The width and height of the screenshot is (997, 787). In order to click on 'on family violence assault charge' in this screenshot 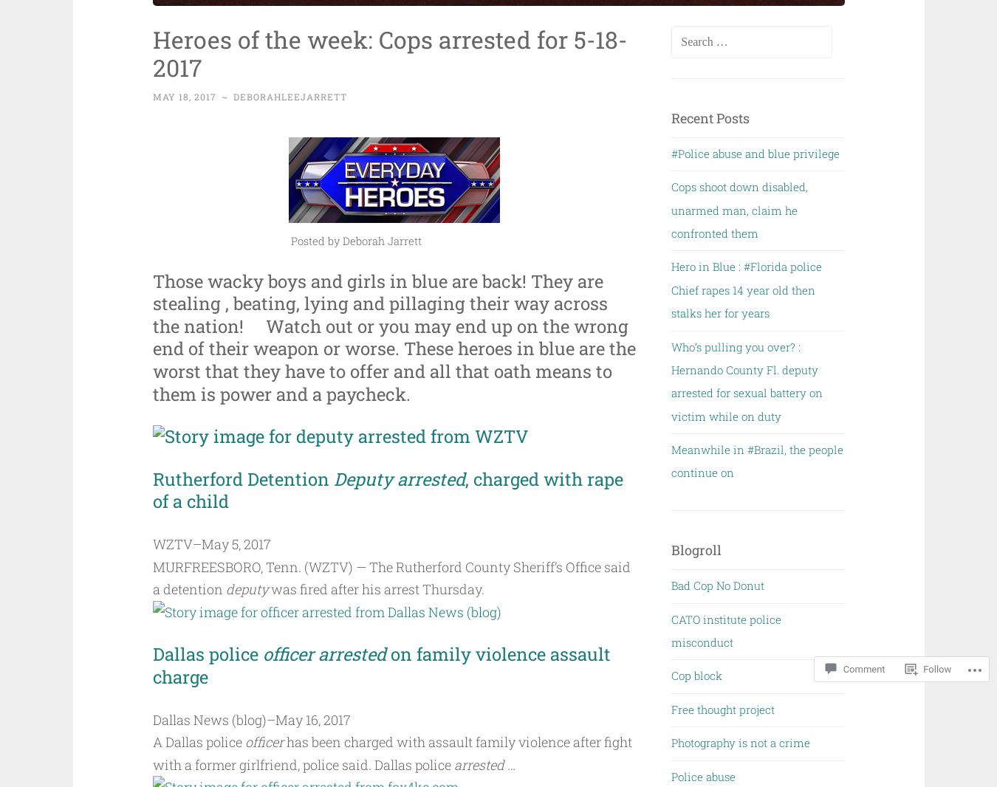, I will do `click(382, 664)`.